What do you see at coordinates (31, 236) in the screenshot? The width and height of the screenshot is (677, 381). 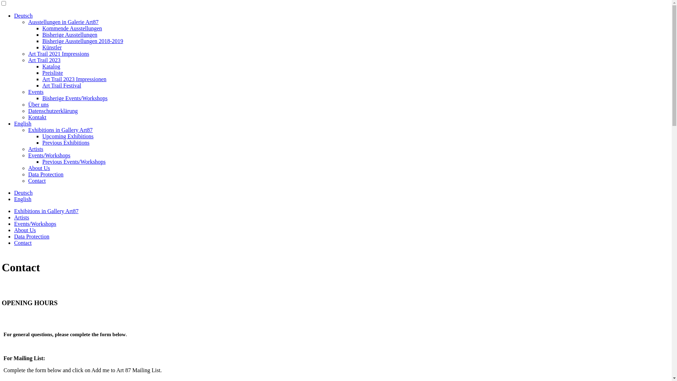 I see `'Data Protection'` at bounding box center [31, 236].